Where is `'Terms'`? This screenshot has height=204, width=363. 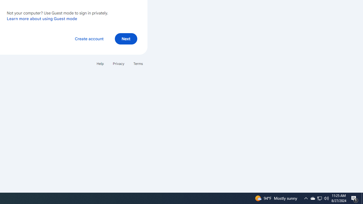 'Terms' is located at coordinates (138, 63).